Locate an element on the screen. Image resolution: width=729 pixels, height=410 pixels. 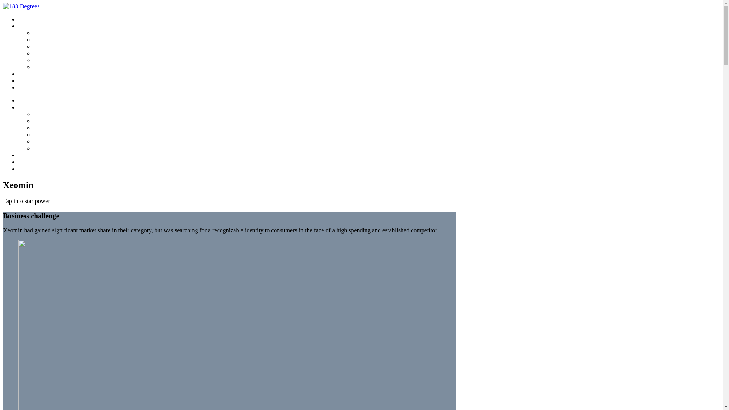
'Why 183' is located at coordinates (28, 100).